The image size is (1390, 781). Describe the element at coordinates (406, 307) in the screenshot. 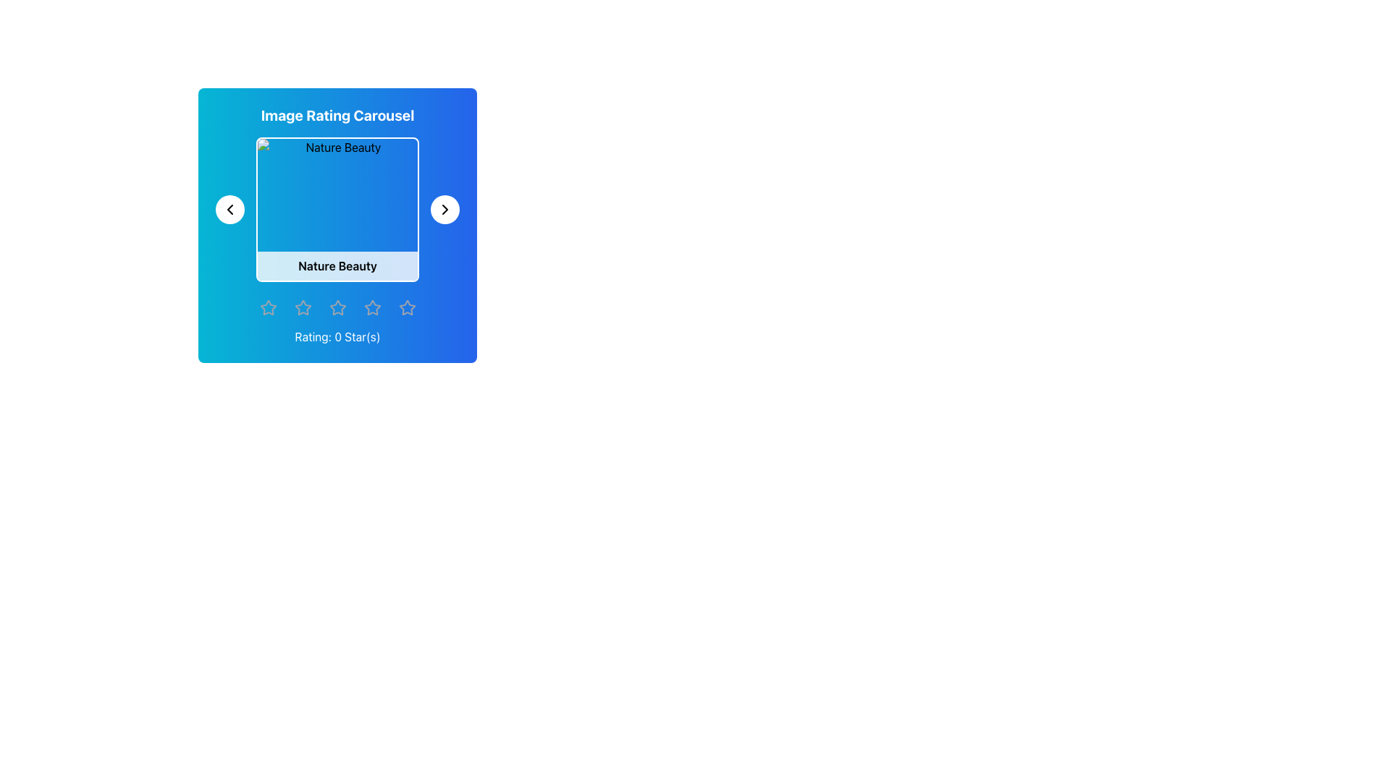

I see `the fifth star in the star rating element` at that location.